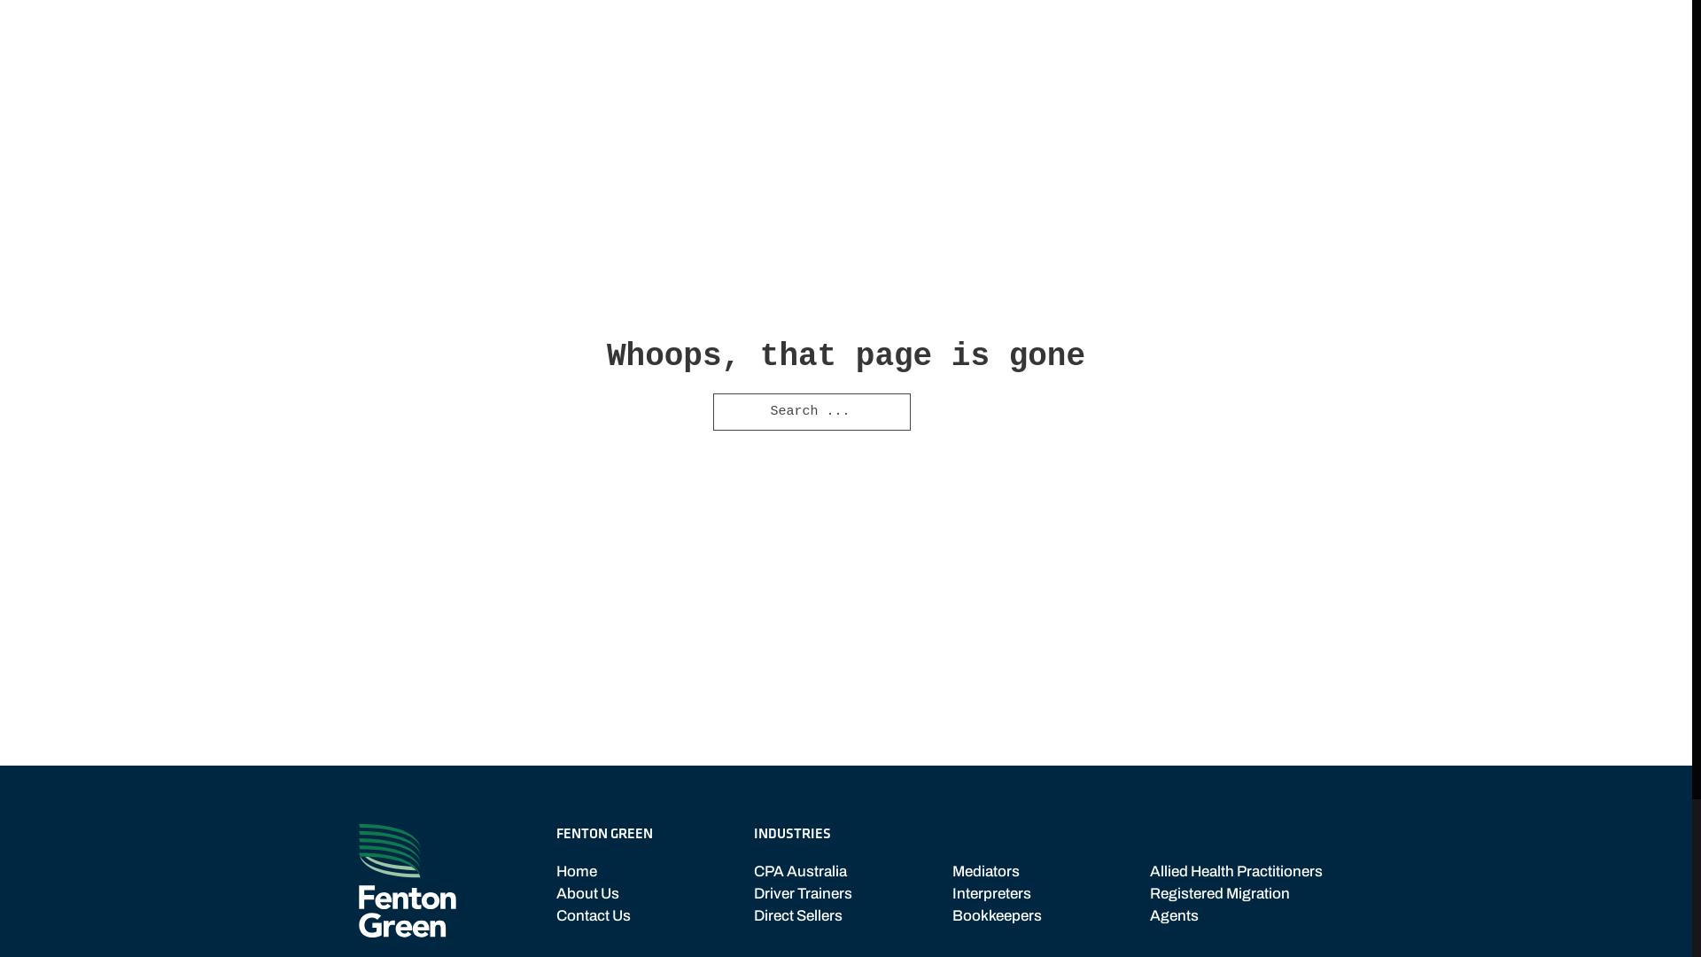 The height and width of the screenshot is (957, 1701). I want to click on 'Direct Sellers', so click(753, 915).